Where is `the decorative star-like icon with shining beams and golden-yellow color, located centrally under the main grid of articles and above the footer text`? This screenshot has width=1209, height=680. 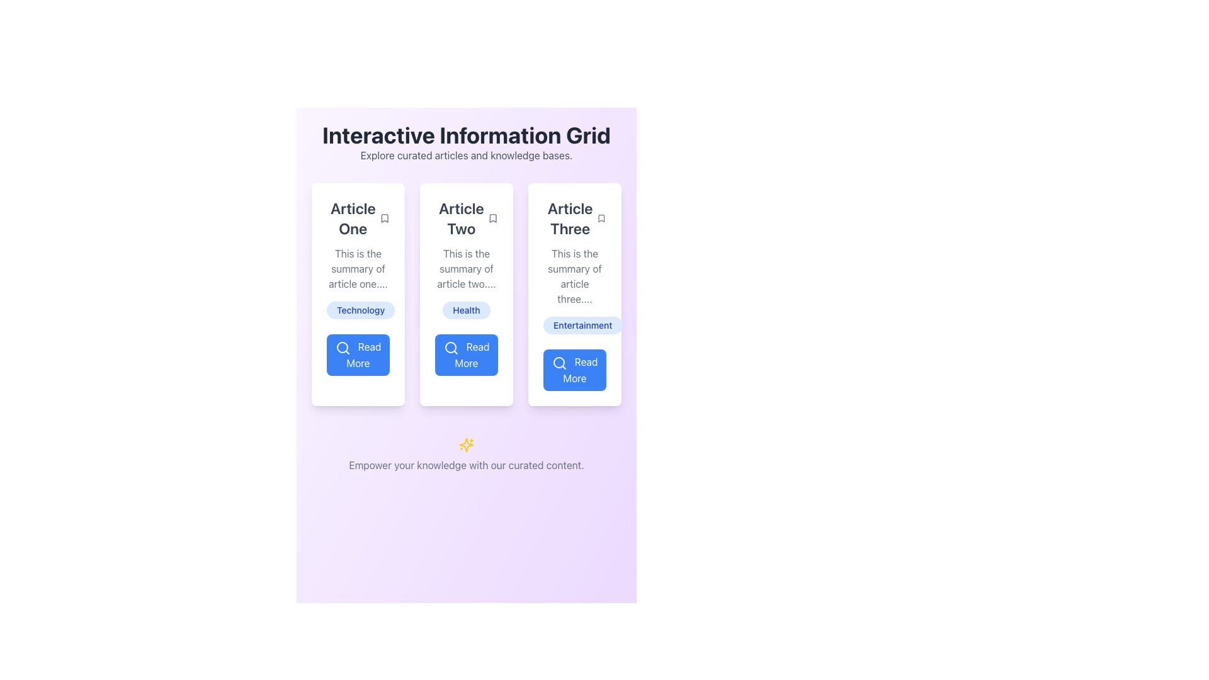
the decorative star-like icon with shining beams and golden-yellow color, located centrally under the main grid of articles and above the footer text is located at coordinates (465, 444).